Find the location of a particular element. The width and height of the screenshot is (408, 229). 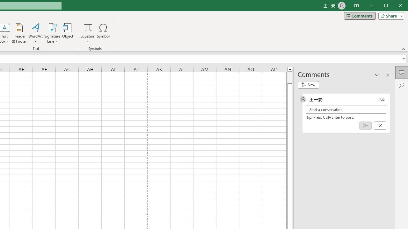

'WordArt' is located at coordinates (35, 33).